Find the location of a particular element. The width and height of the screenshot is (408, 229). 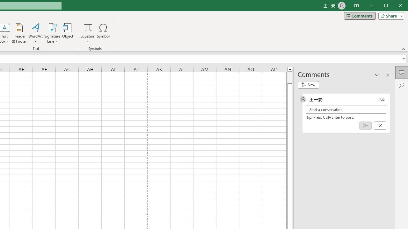

'WordArt' is located at coordinates (35, 33).